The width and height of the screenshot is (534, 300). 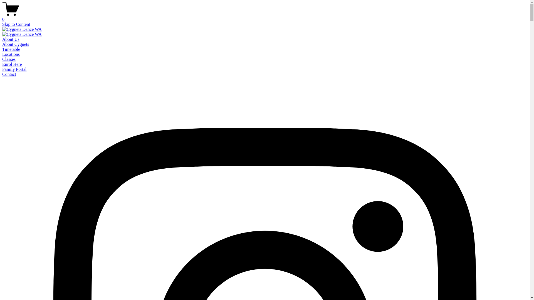 I want to click on 'Skip to Content', so click(x=16, y=24).